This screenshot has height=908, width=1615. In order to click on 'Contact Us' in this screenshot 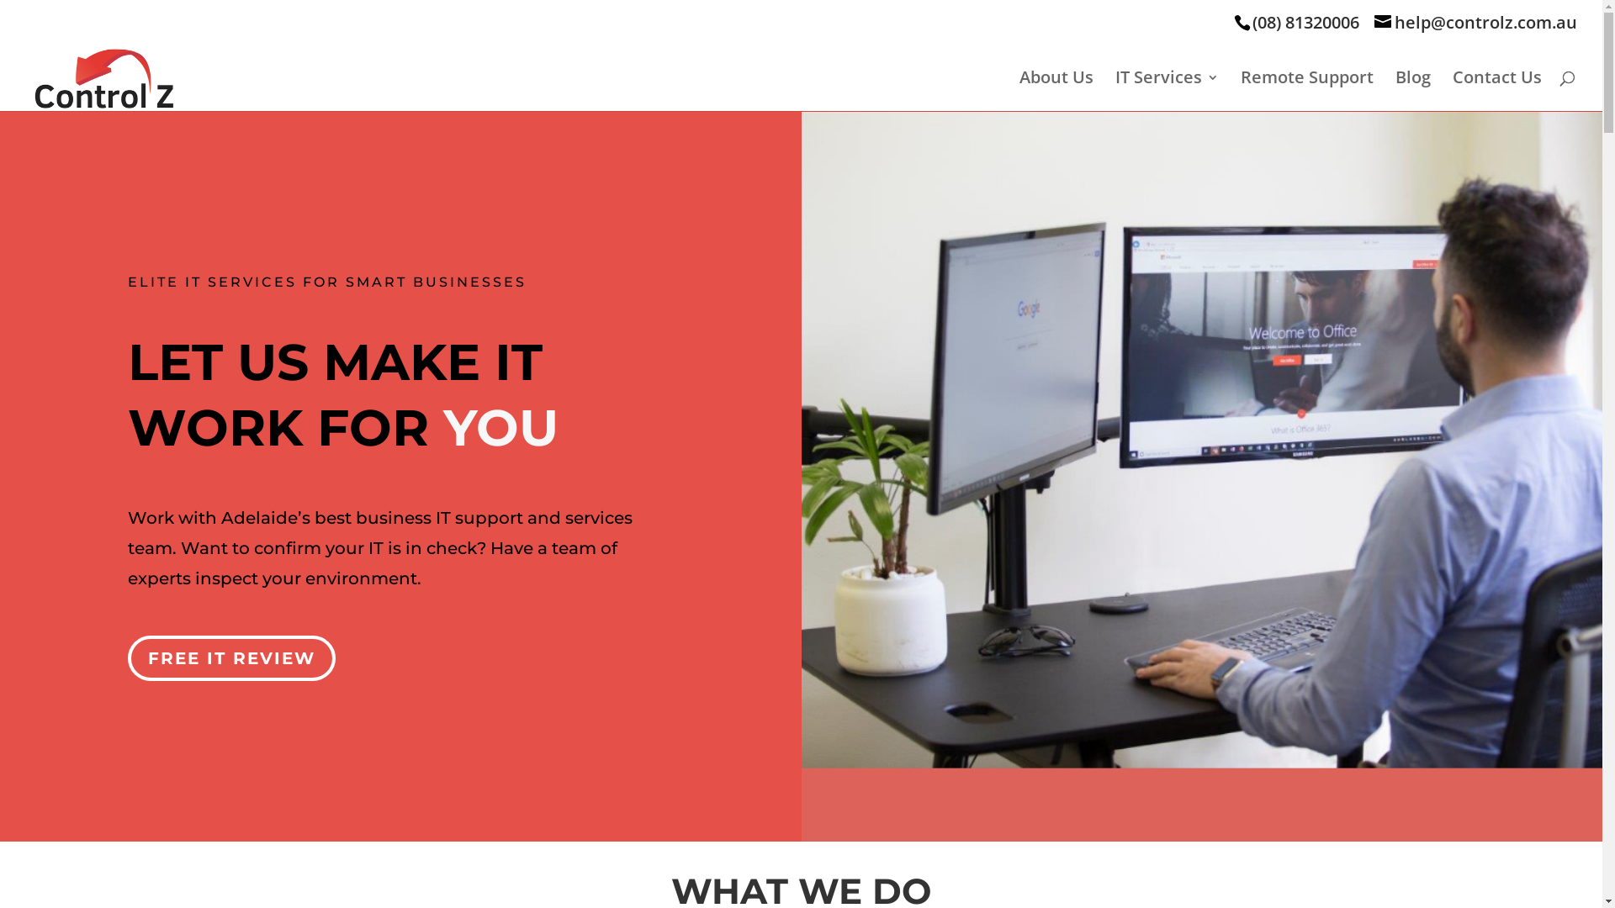, I will do `click(1497, 91)`.